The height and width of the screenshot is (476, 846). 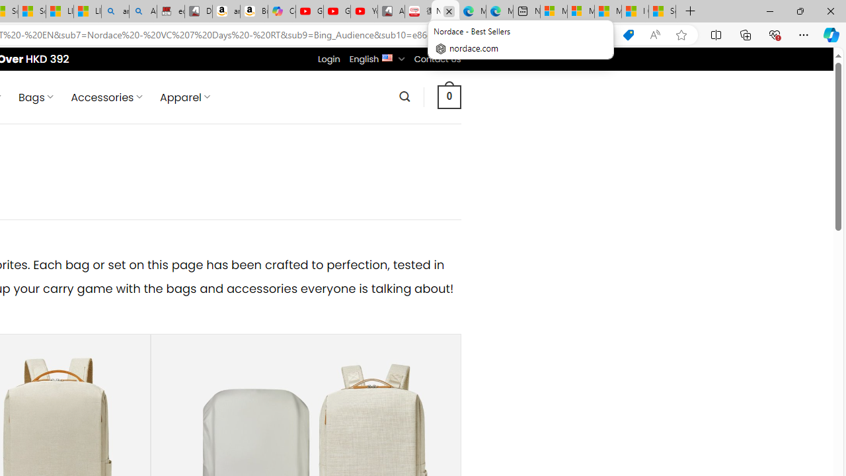 I want to click on 'Search', so click(x=404, y=96).